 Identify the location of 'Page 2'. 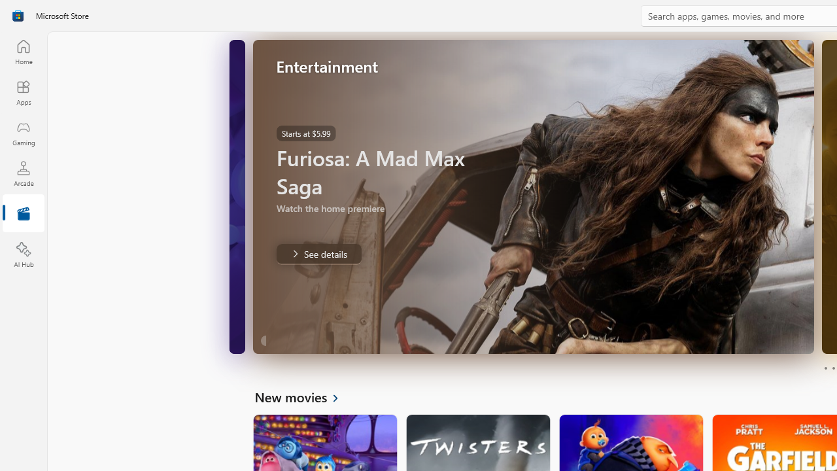
(832, 368).